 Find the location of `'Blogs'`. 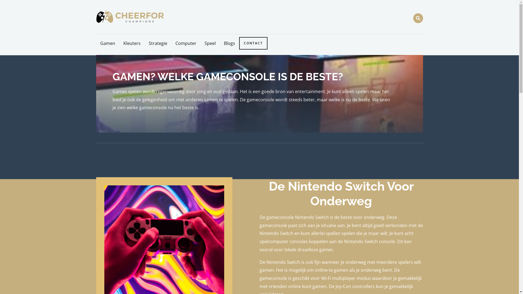

'Blogs' is located at coordinates (229, 43).